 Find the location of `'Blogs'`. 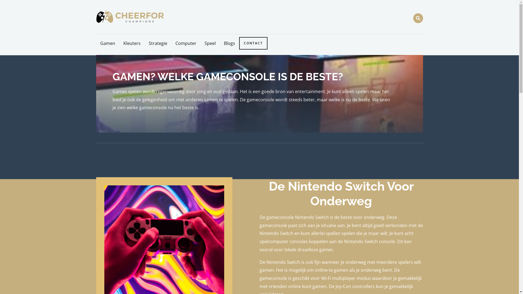

'Blogs' is located at coordinates (229, 43).